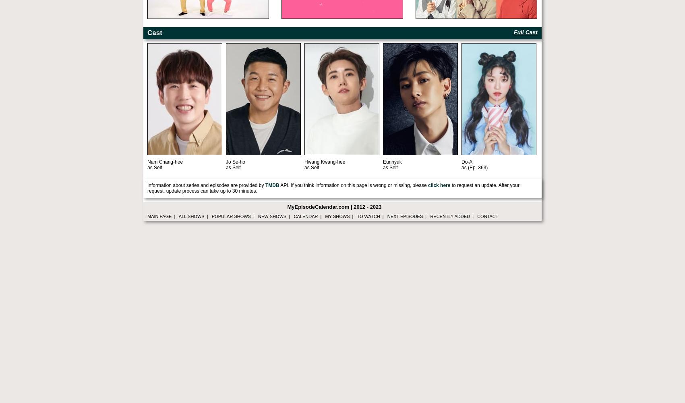 This screenshot has height=403, width=685. I want to click on 'RECENTLY ADDED', so click(449, 216).